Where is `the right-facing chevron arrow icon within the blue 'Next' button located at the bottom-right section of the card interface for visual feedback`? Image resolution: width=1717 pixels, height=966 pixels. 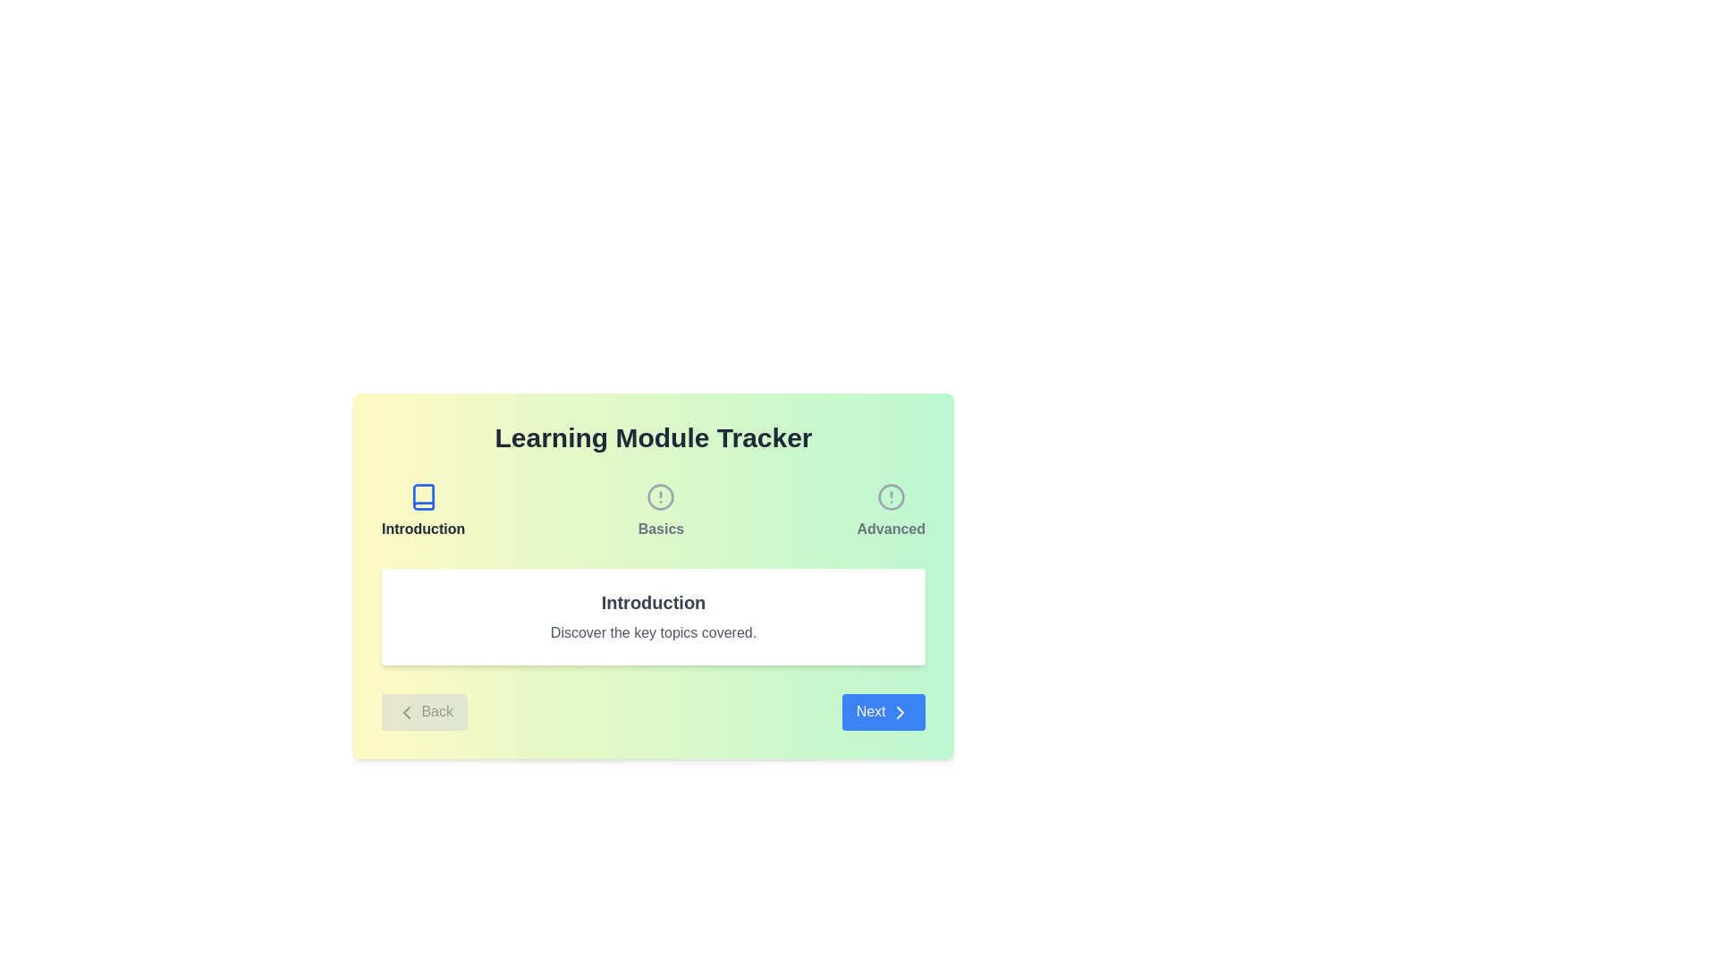
the right-facing chevron arrow icon within the blue 'Next' button located at the bottom-right section of the card interface for visual feedback is located at coordinates (901, 710).